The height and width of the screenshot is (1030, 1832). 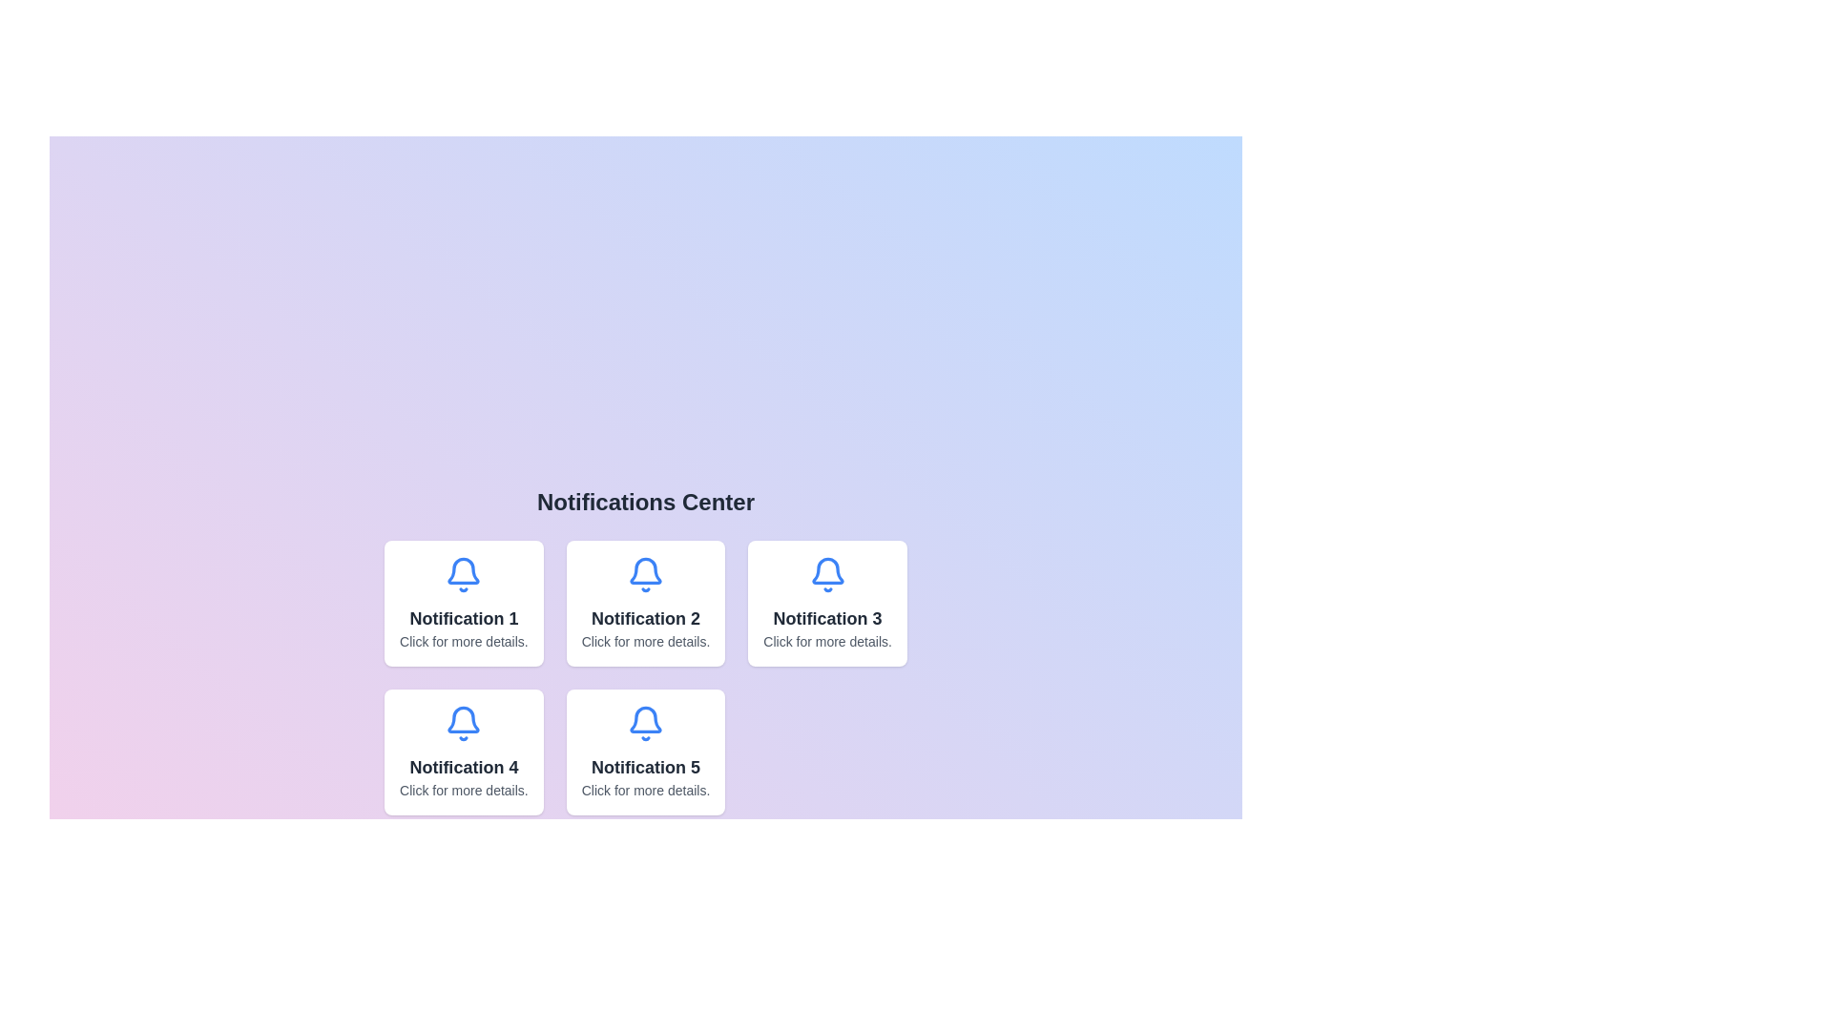 What do you see at coordinates (827, 569) in the screenshot?
I see `the bell icon, which is a notification symbol located at the top of the card labeled 'Notification 3'` at bounding box center [827, 569].